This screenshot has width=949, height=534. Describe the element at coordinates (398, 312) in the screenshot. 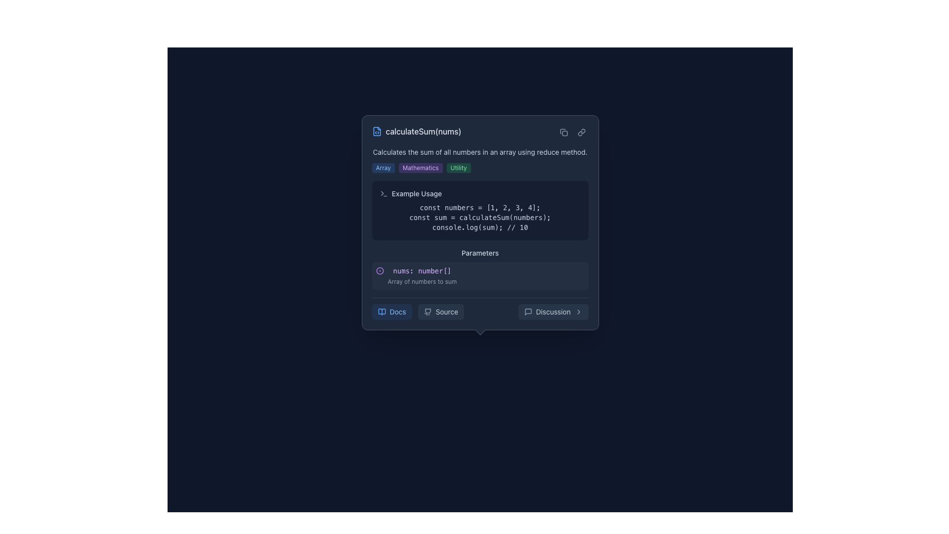

I see `the 'Docs' text link, which is a small blue label in a button-like structure located at the bottom left of the interface` at that location.